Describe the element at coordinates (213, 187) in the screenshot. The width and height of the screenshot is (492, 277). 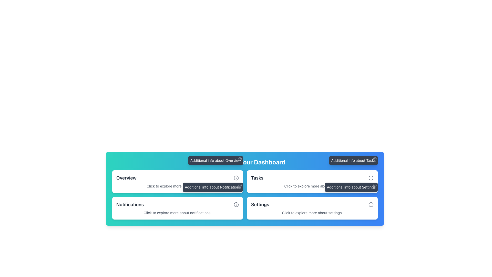
I see `the tooltip with the text 'Additional info about Notifications', which is a rectangular element with a dark background and slightly rounded corners, located above the 'Notifications' section` at that location.